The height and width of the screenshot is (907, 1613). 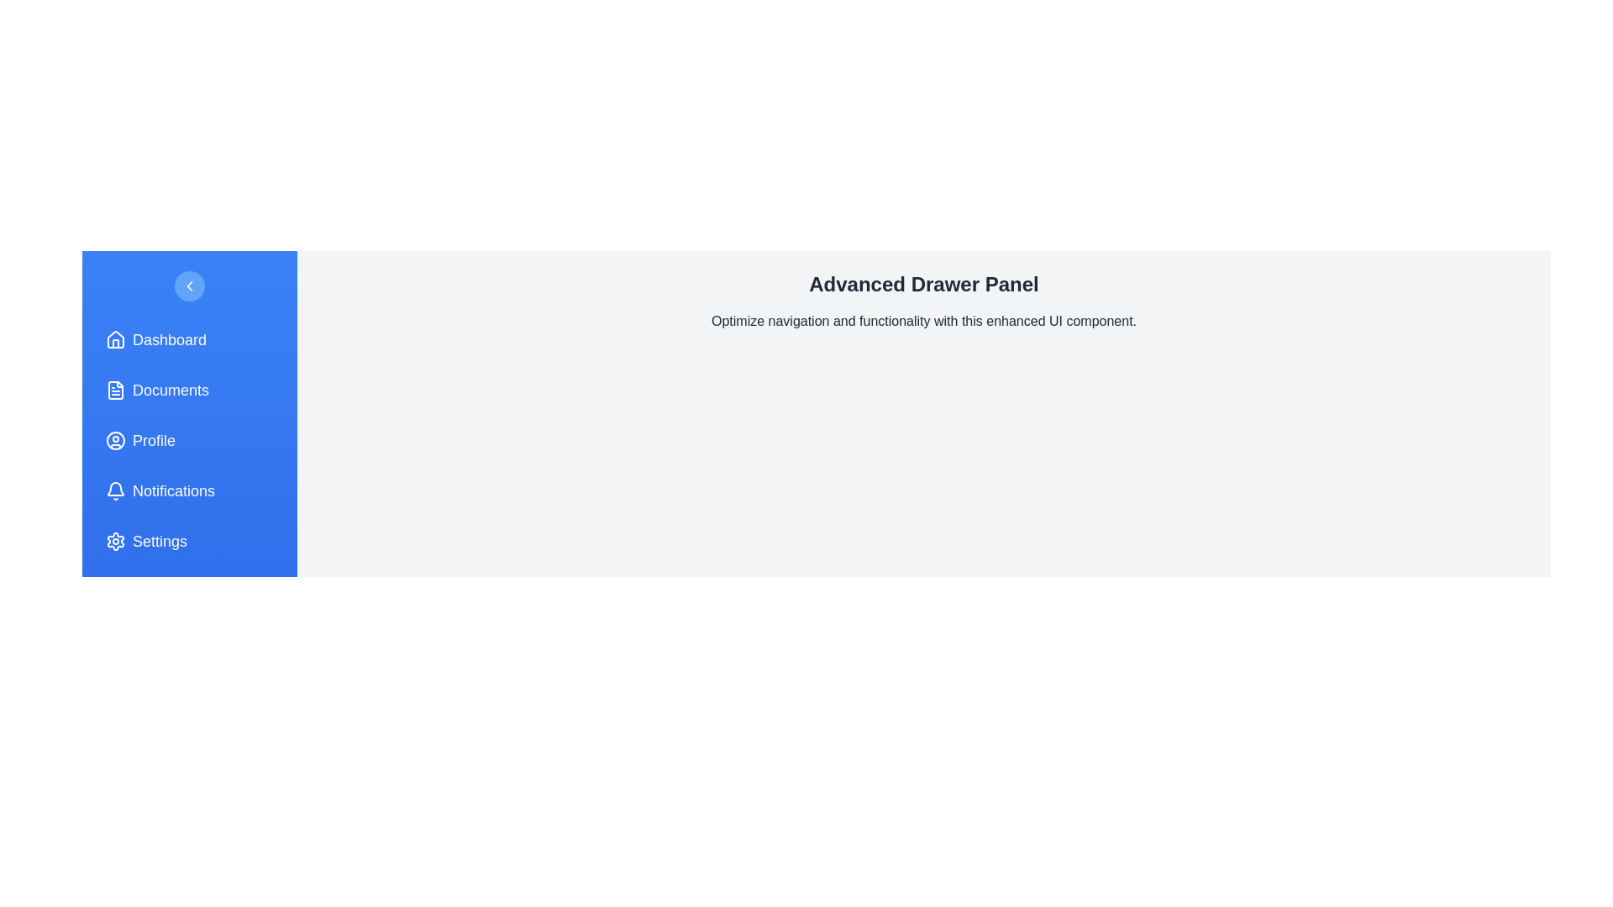 I want to click on the menu item labeled Dashboard, so click(x=189, y=340).